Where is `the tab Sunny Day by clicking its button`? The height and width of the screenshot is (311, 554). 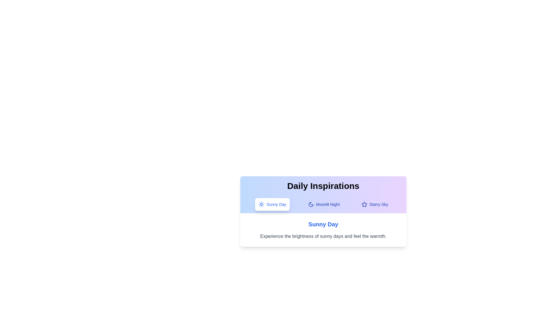
the tab Sunny Day by clicking its button is located at coordinates (272, 204).